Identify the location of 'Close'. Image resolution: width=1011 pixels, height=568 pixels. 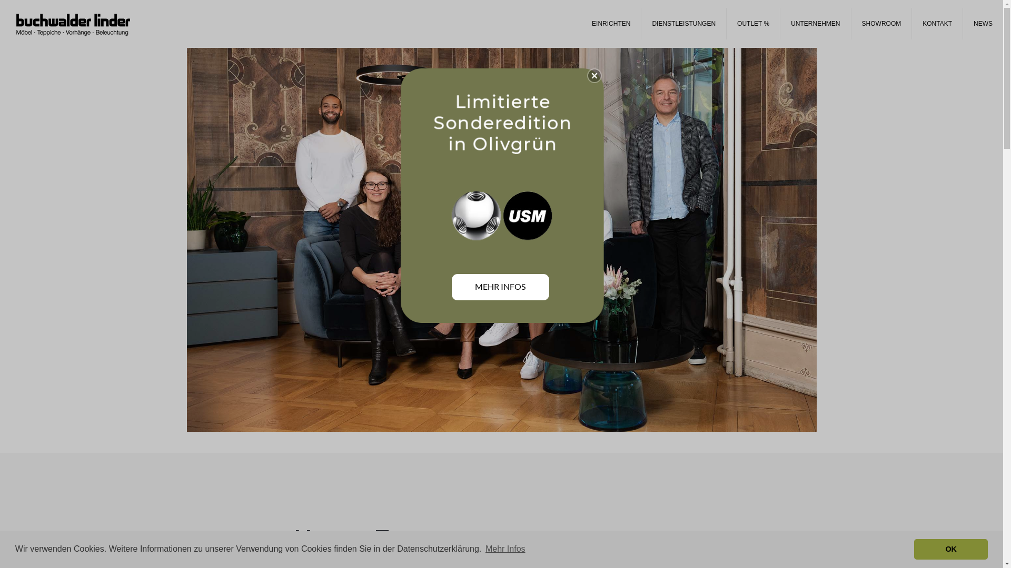
(594, 75).